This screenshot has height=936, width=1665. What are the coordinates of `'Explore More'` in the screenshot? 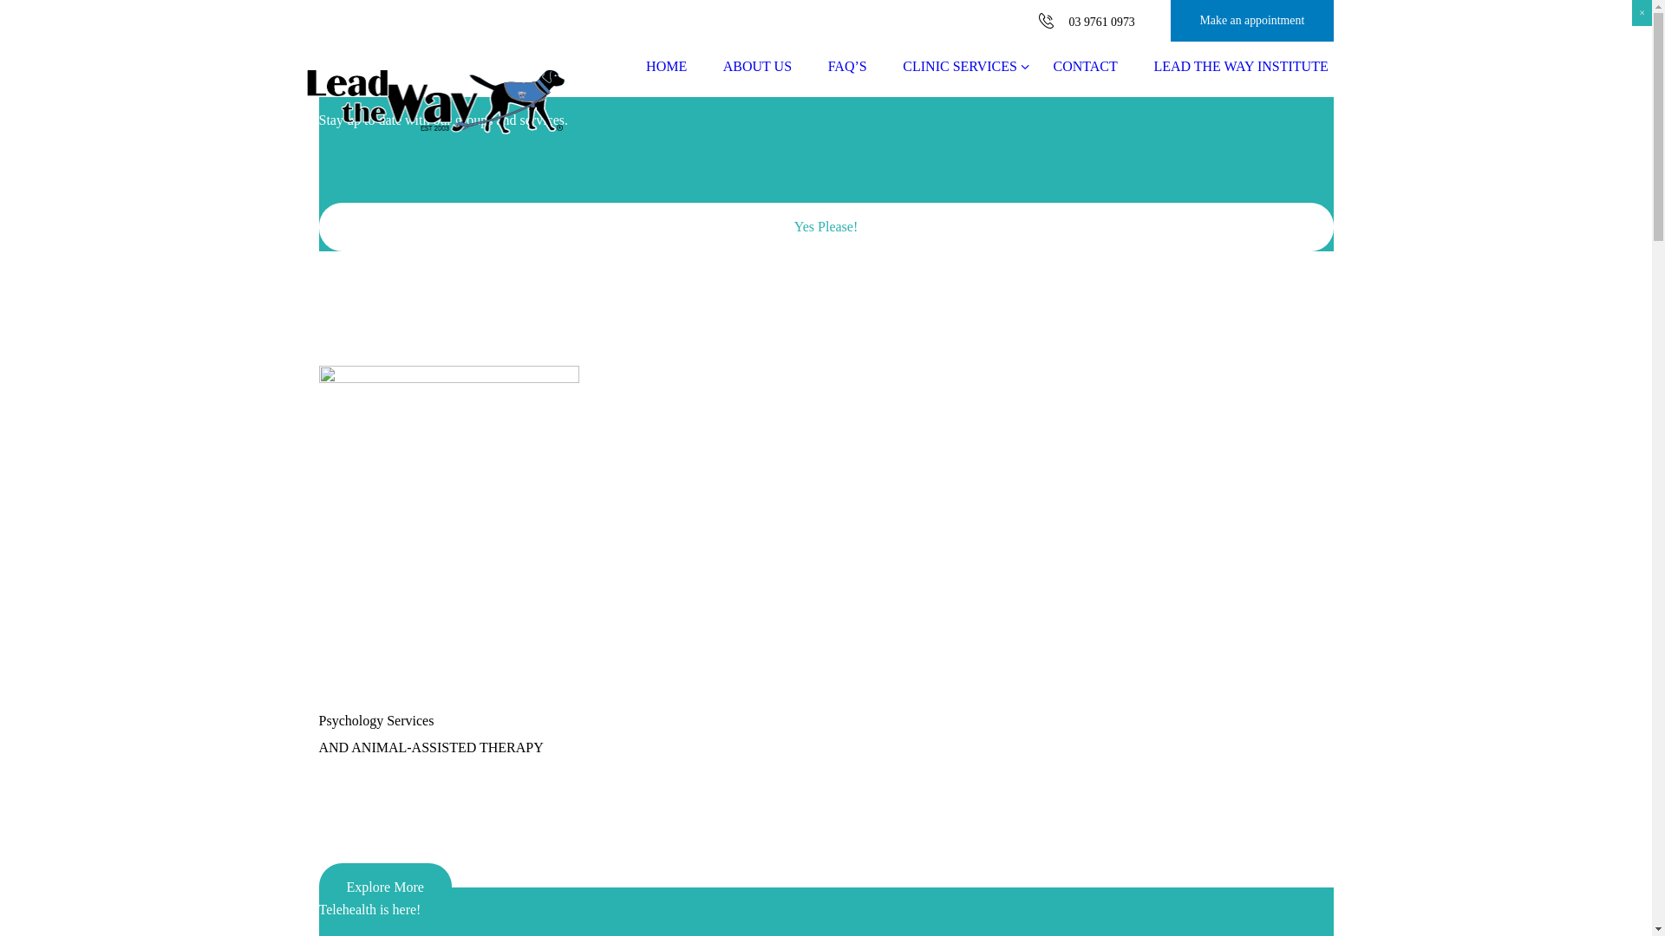 It's located at (384, 887).